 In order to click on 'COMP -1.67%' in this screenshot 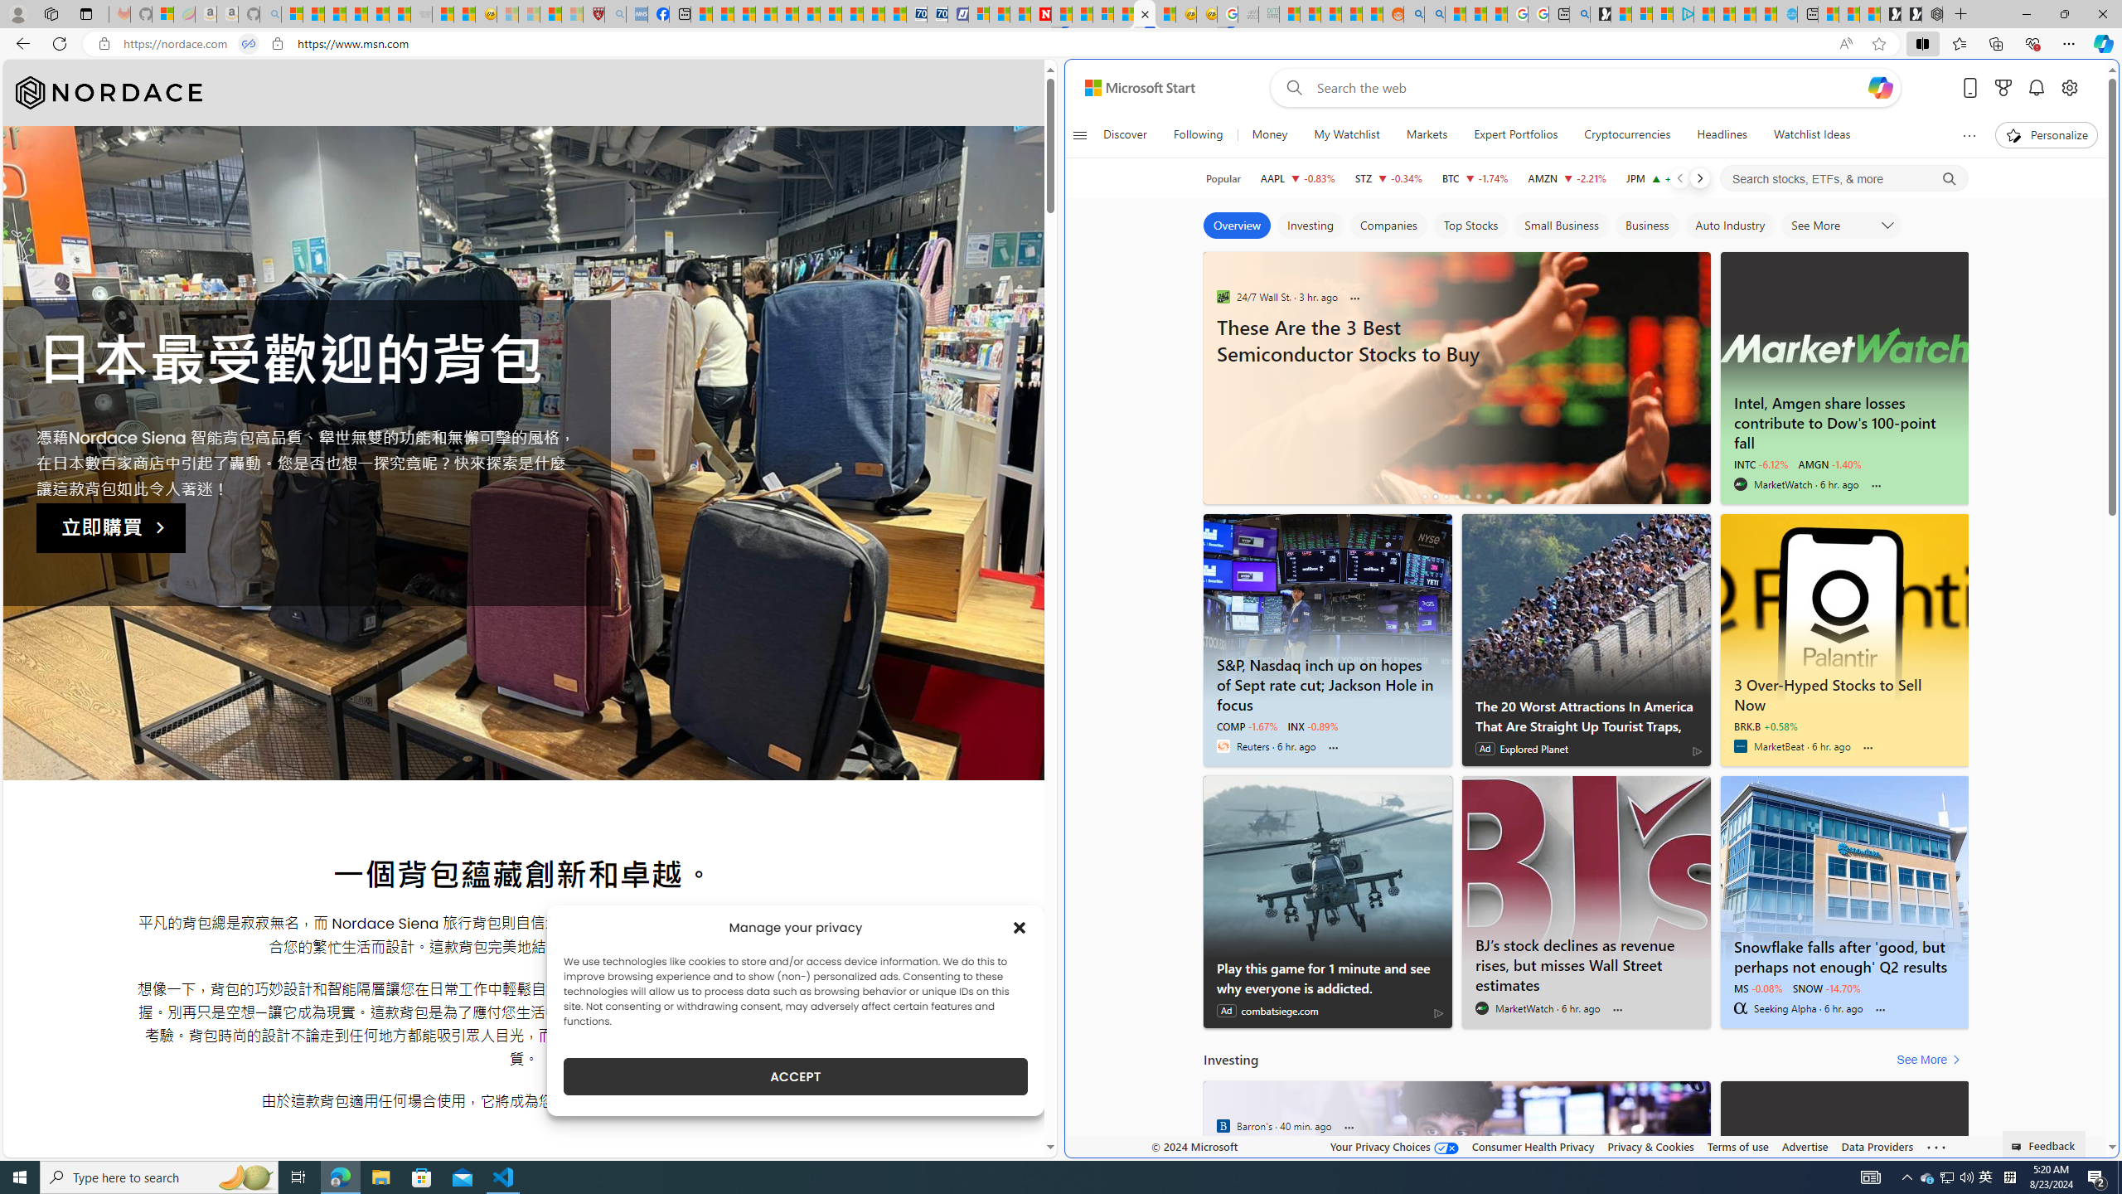, I will do `click(1247, 726)`.